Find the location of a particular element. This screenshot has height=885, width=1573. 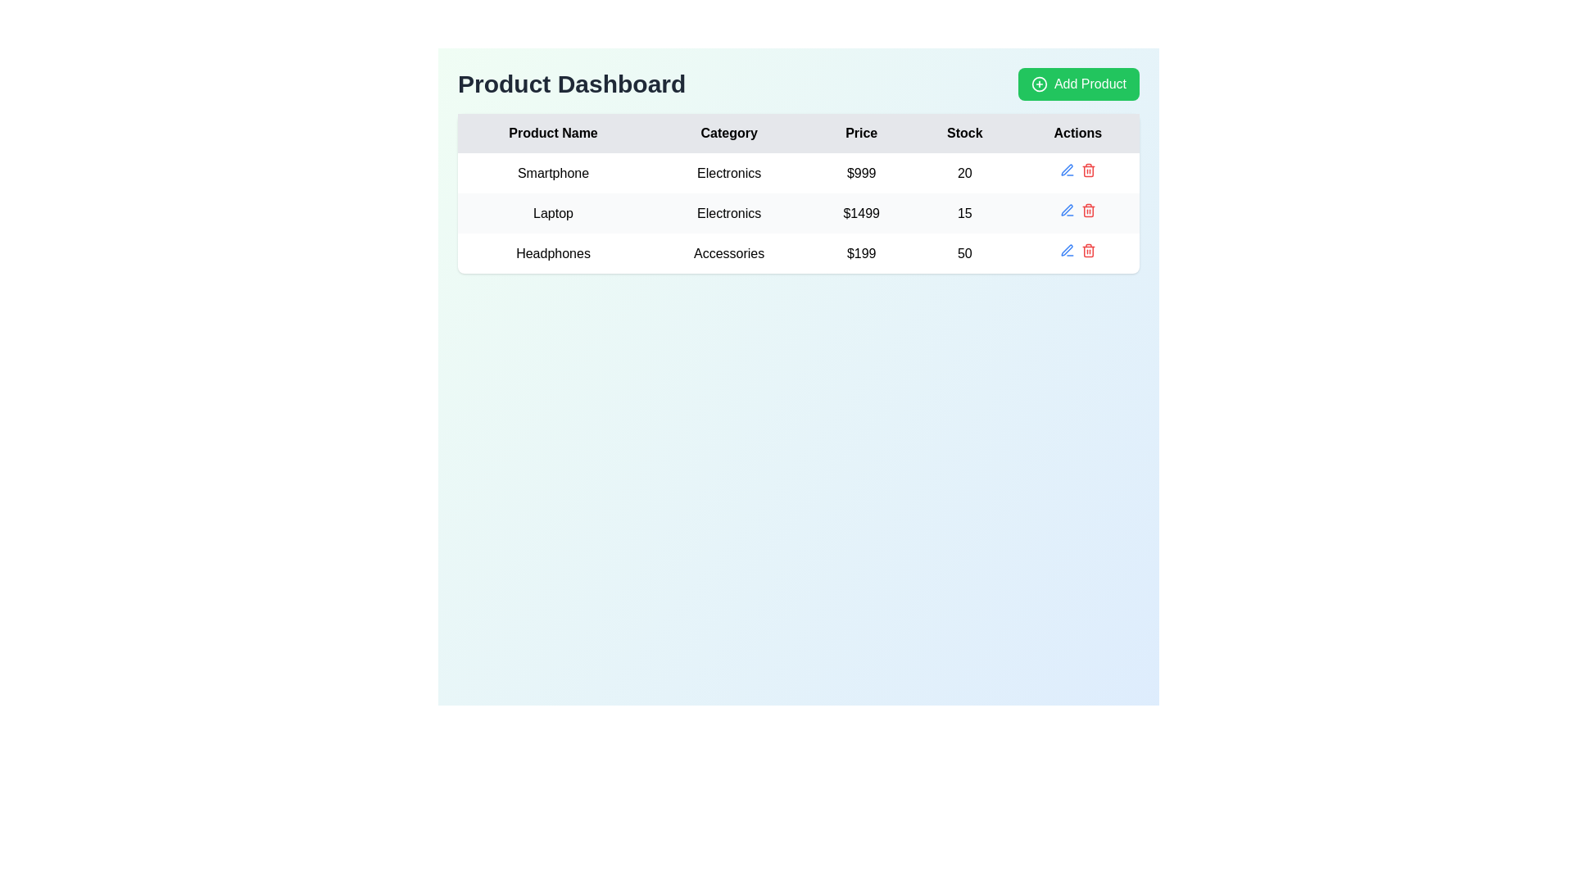

the delete icon in the 'Actions' column of the second row of the table is located at coordinates (1088, 210).